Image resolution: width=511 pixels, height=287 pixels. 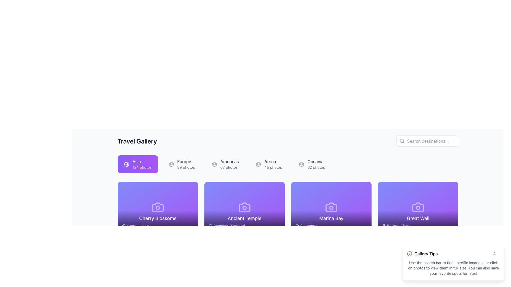 I want to click on the globe icon located in the 'Oceania 32 photos' section, positioned to the left of the text 'Oceania', so click(x=302, y=164).